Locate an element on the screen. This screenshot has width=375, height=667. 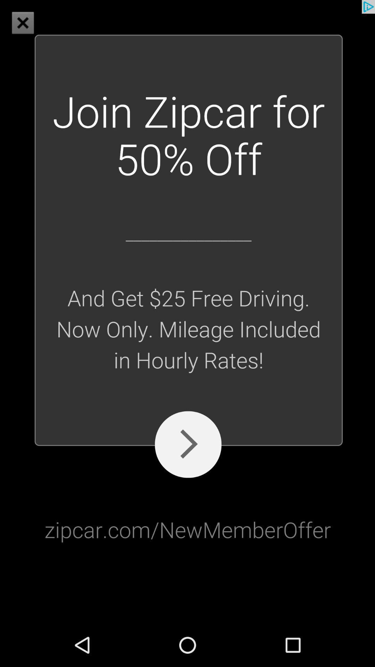
the close icon is located at coordinates (22, 24).